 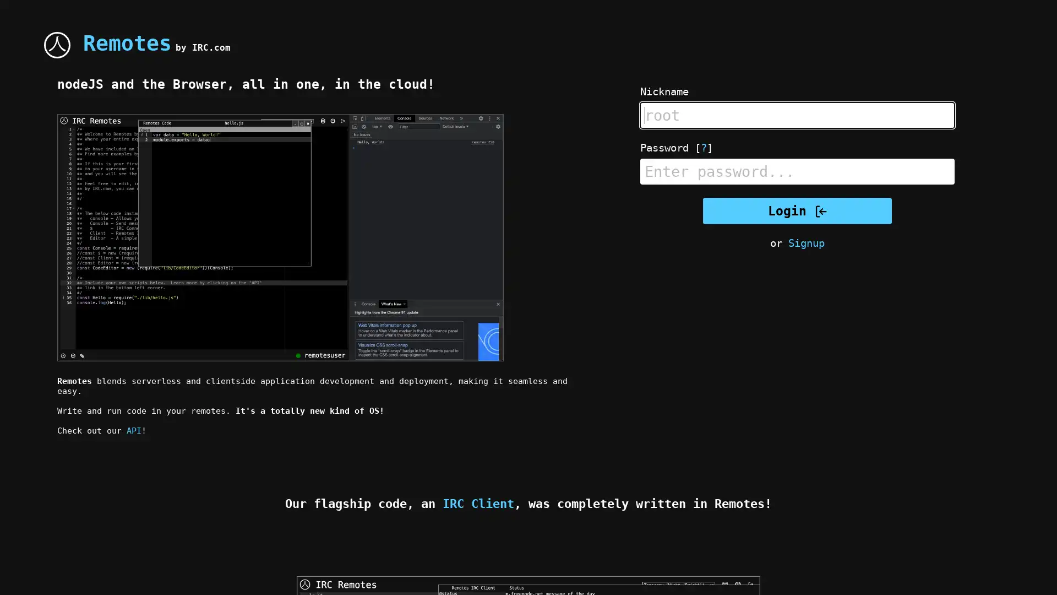 What do you see at coordinates (797, 210) in the screenshot?
I see `Login` at bounding box center [797, 210].